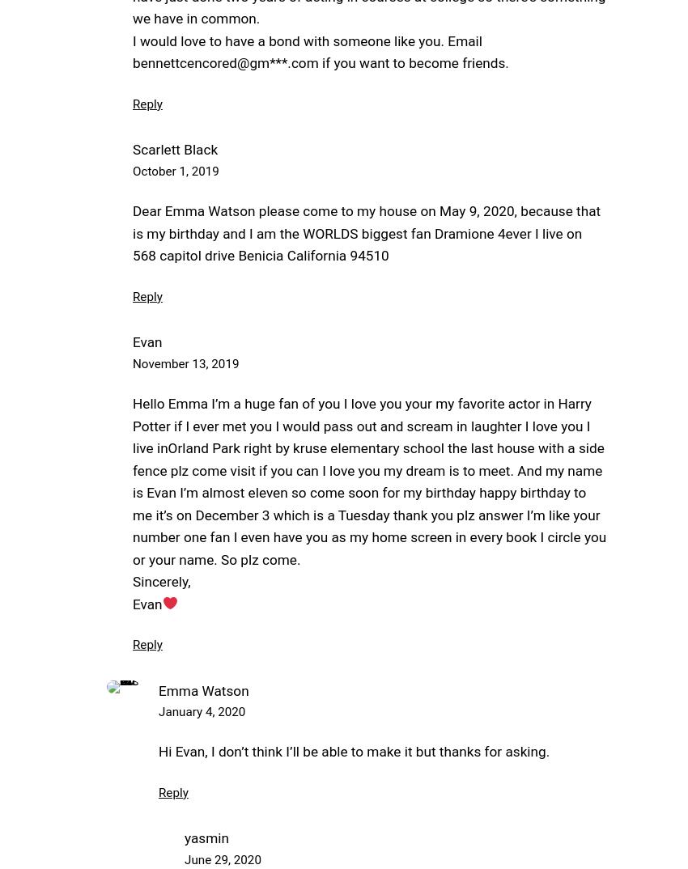 This screenshot has height=869, width=688. What do you see at coordinates (175, 150) in the screenshot?
I see `'Scarlett Black'` at bounding box center [175, 150].